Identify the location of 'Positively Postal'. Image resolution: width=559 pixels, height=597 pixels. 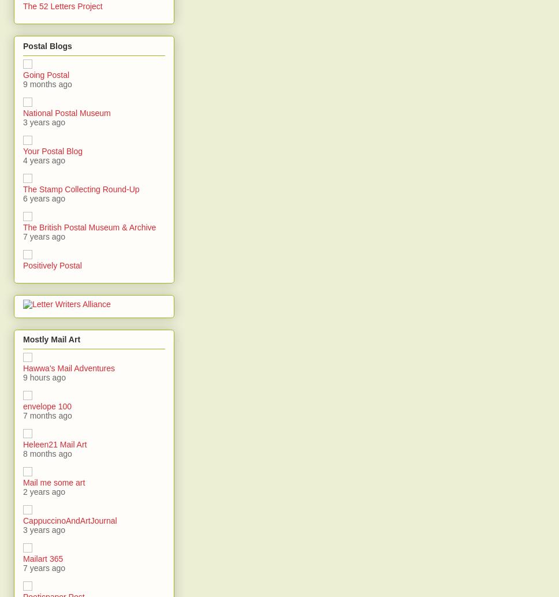
(52, 264).